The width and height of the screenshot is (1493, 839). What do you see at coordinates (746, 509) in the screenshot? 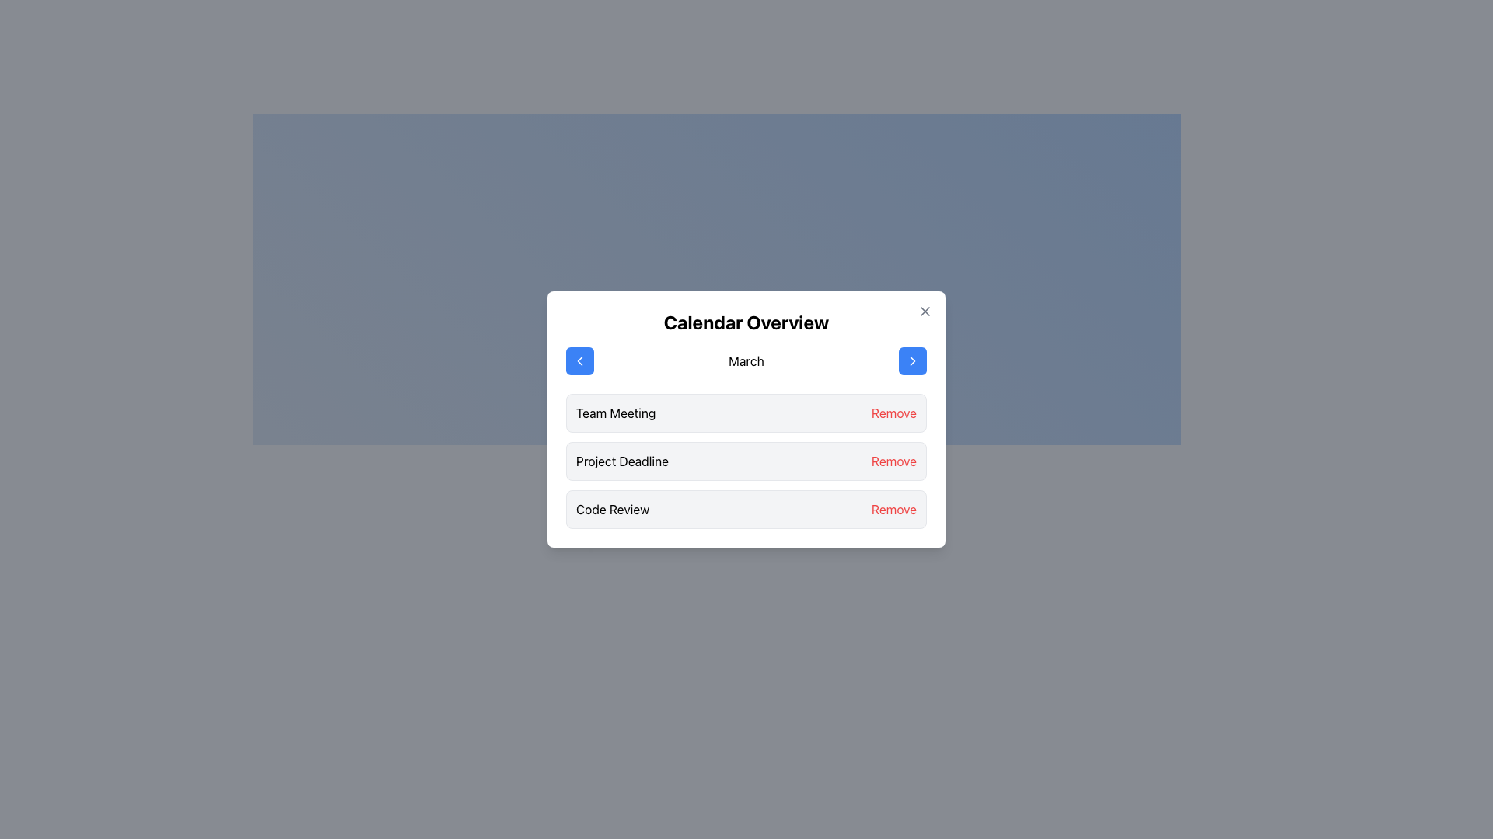
I see `the 'Code Review' list item in the third row to possibly perform additional actions` at bounding box center [746, 509].